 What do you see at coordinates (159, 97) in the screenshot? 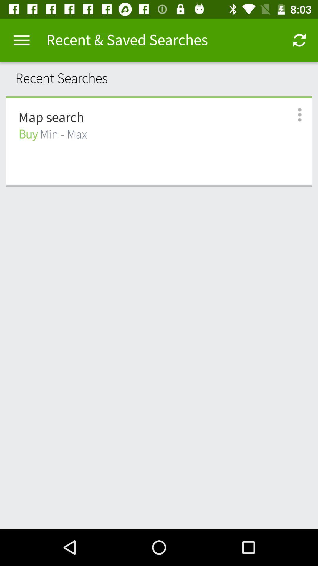
I see `the item below the recent searches item` at bounding box center [159, 97].